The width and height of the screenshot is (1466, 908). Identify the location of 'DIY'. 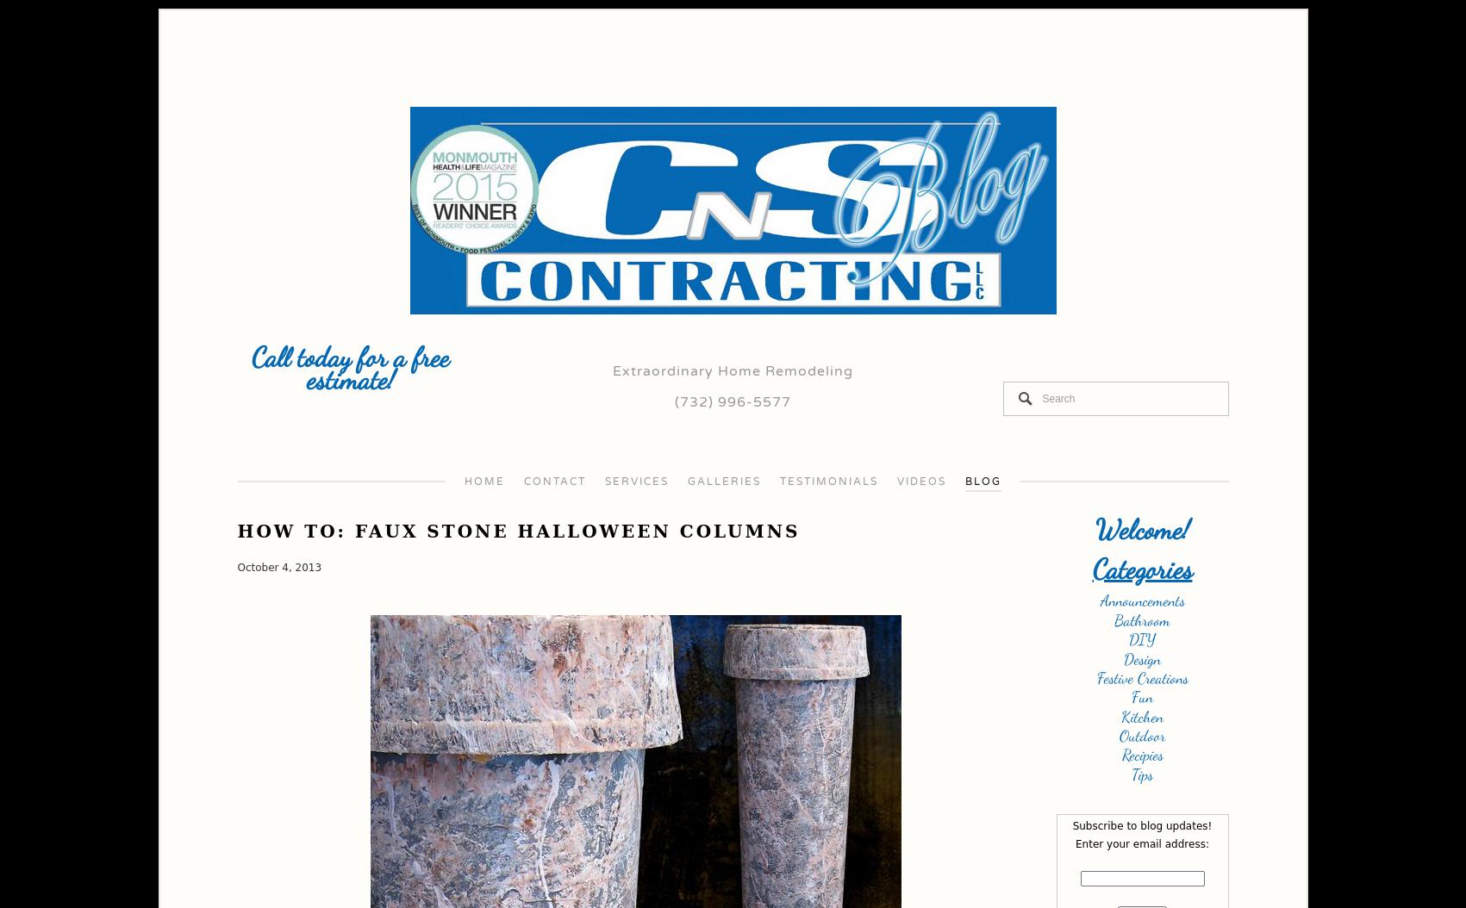
(1142, 639).